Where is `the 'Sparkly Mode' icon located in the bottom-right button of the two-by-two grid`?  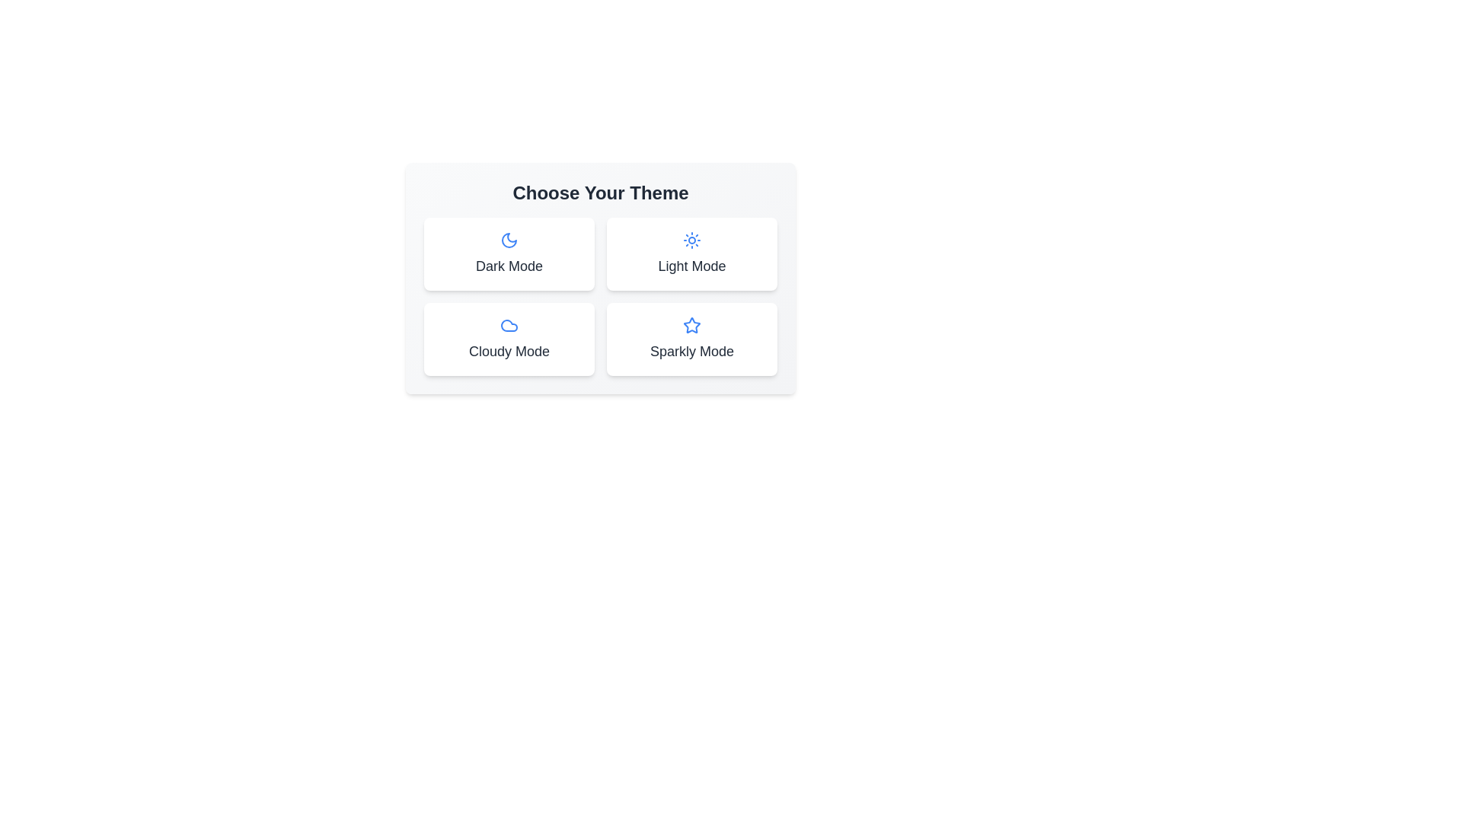 the 'Sparkly Mode' icon located in the bottom-right button of the two-by-two grid is located at coordinates (691, 324).